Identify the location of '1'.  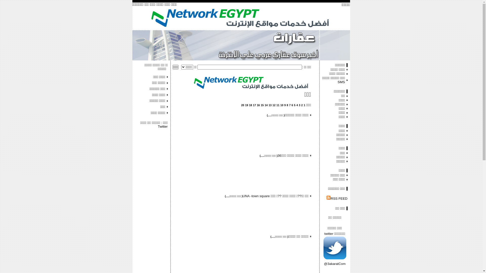
(304, 105).